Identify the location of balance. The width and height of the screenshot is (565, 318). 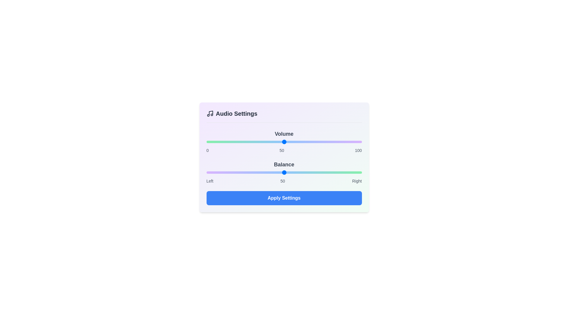
(228, 172).